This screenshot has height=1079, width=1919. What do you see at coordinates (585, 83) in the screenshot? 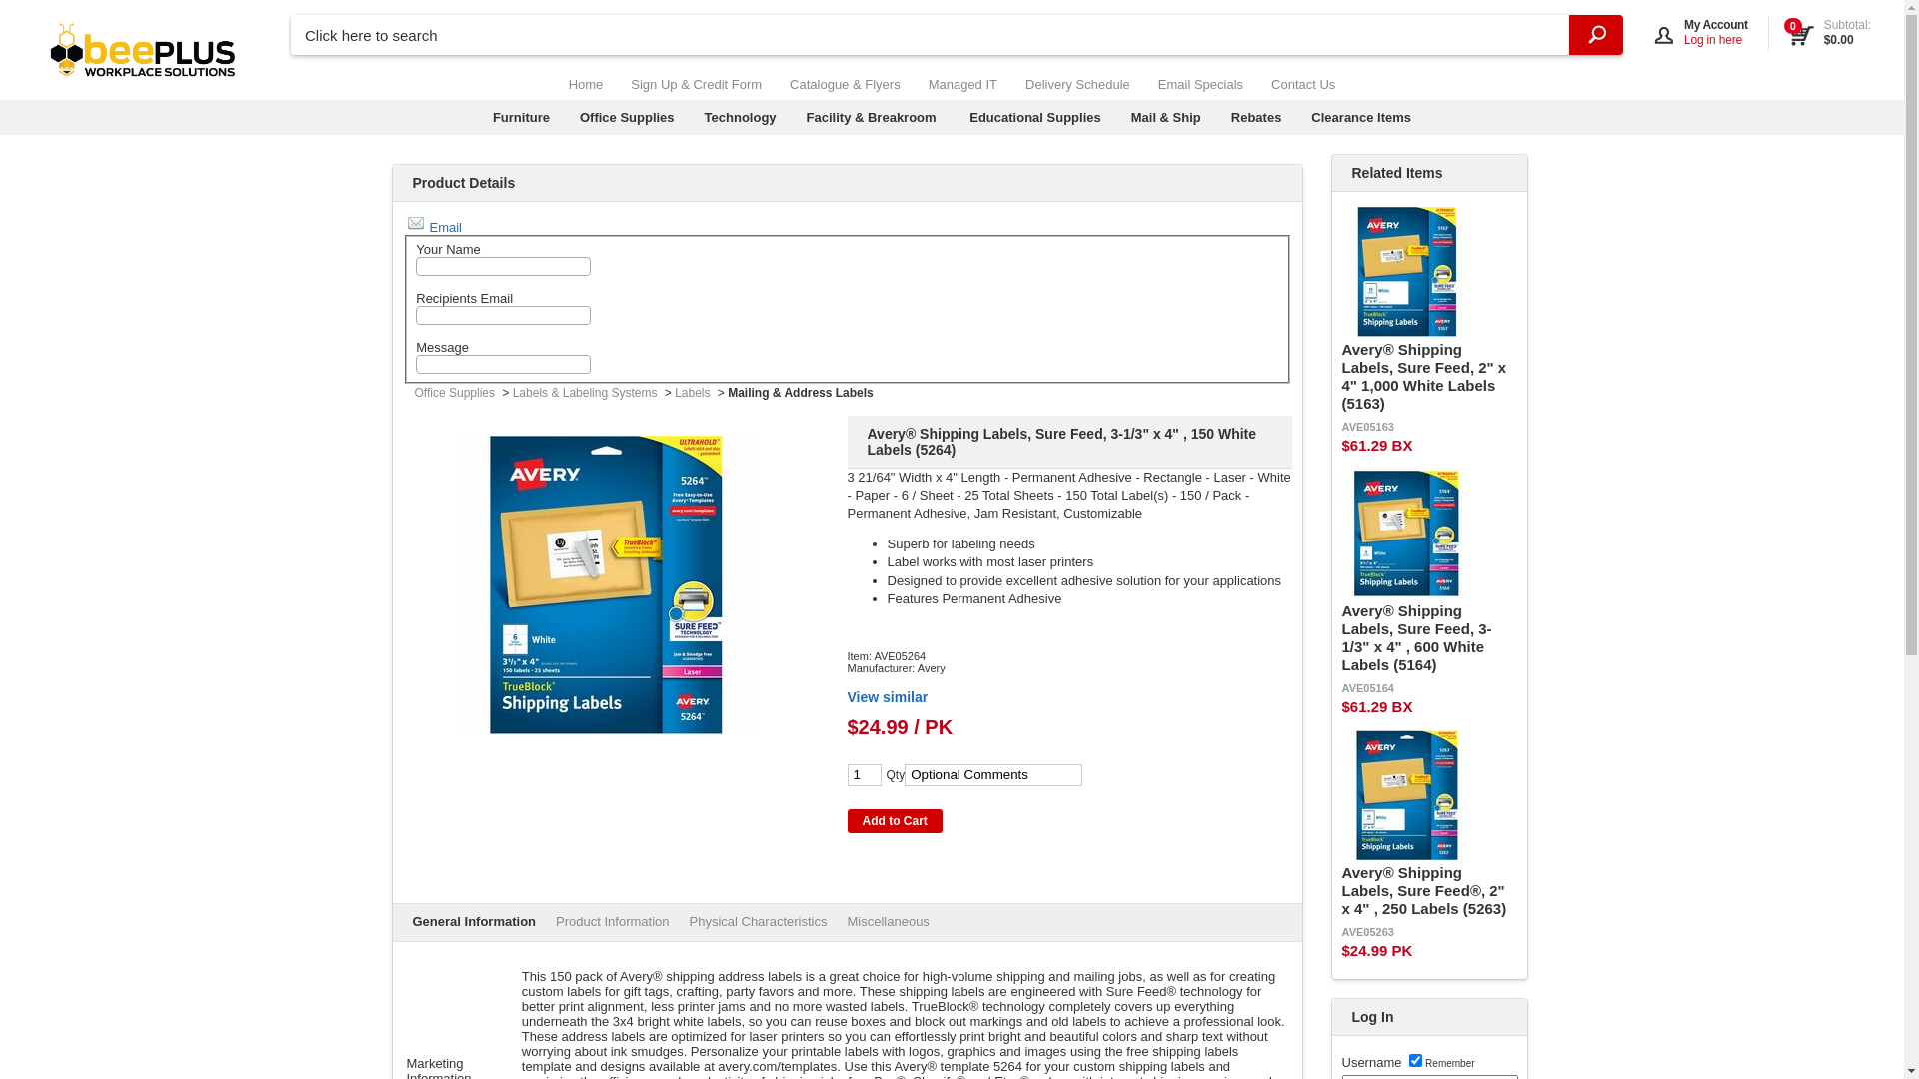
I see `'Home'` at bounding box center [585, 83].